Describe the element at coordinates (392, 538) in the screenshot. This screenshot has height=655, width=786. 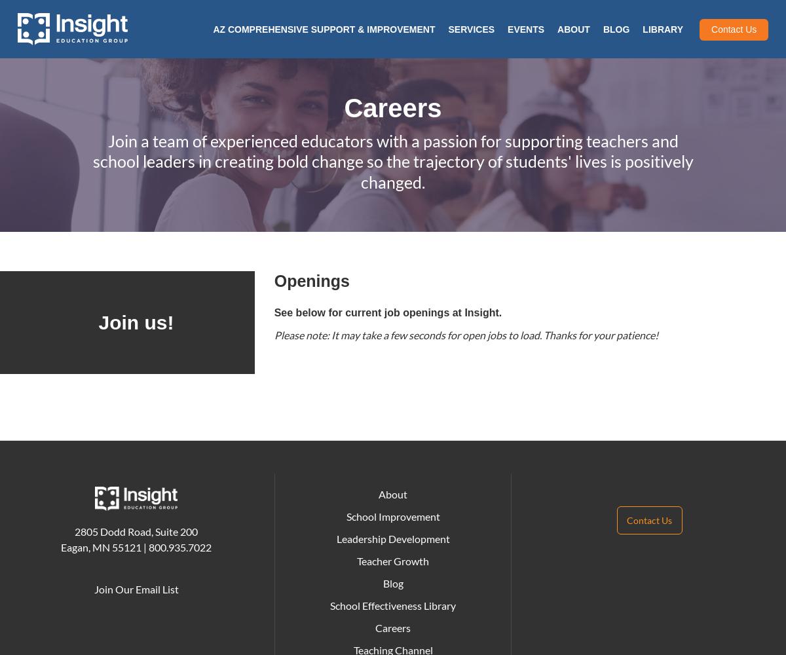
I see `'Leadership Development'` at that location.